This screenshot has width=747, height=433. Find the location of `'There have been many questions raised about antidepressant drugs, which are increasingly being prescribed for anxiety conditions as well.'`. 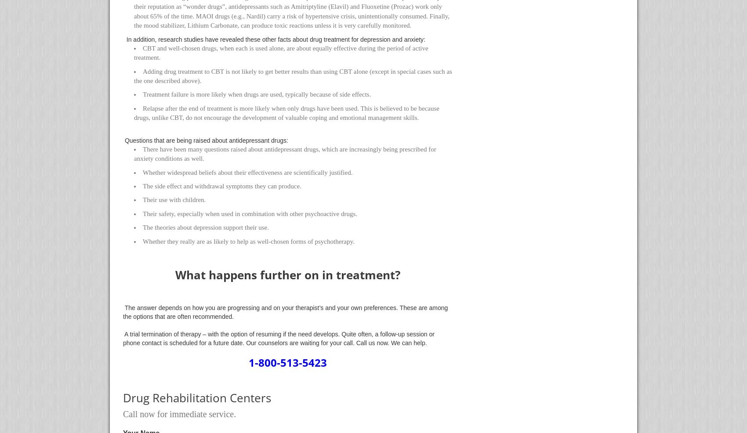

'There have been many questions raised about antidepressant drugs, which are increasingly being prescribed for anxiety conditions as well.' is located at coordinates (285, 153).